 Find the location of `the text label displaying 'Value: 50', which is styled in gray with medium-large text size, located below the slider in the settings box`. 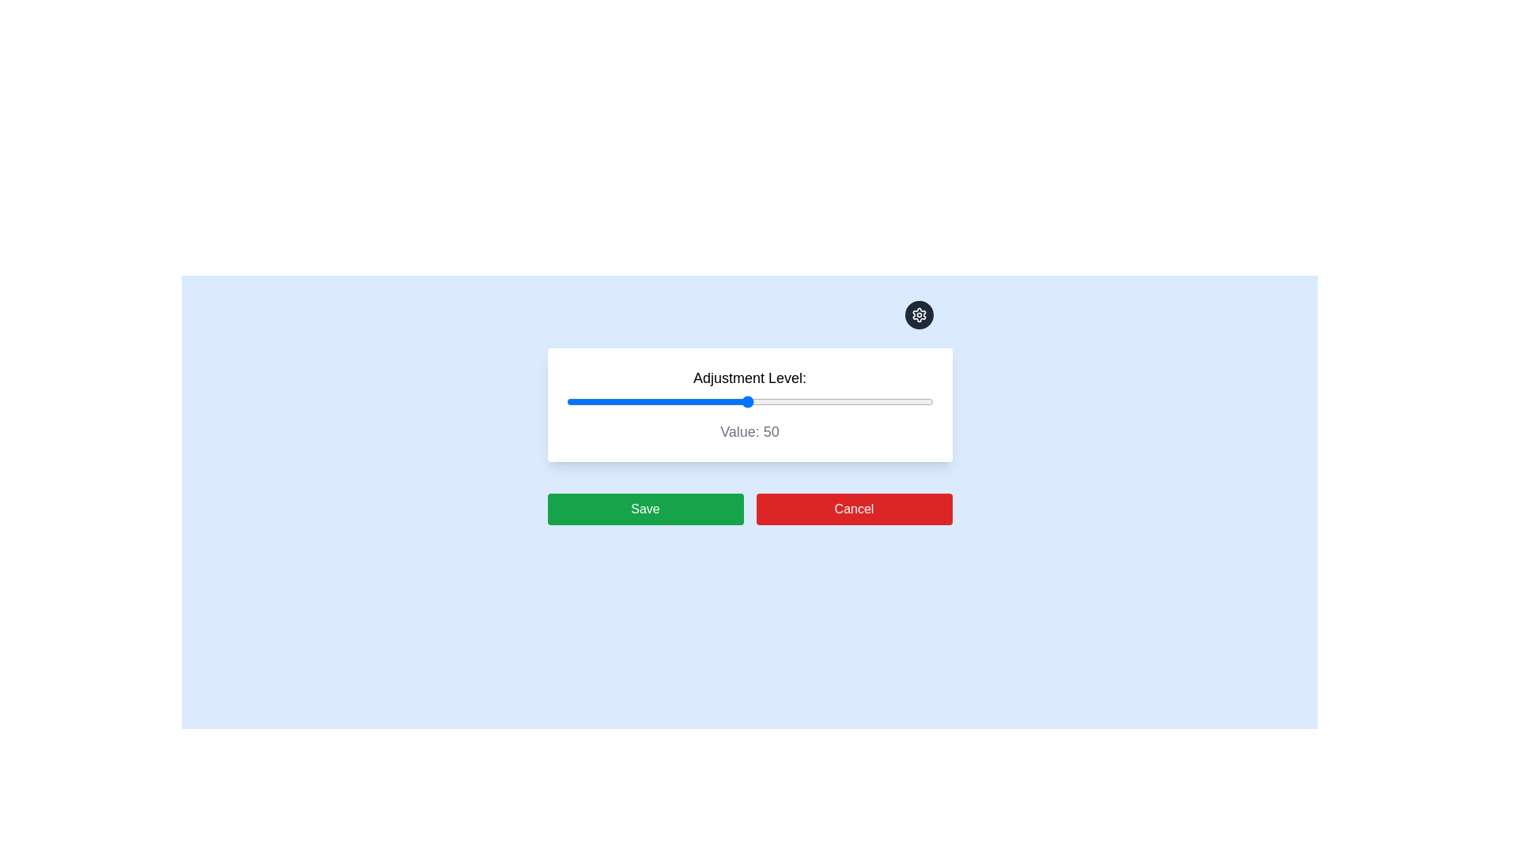

the text label displaying 'Value: 50', which is styled in gray with medium-large text size, located below the slider in the settings box is located at coordinates (749, 432).